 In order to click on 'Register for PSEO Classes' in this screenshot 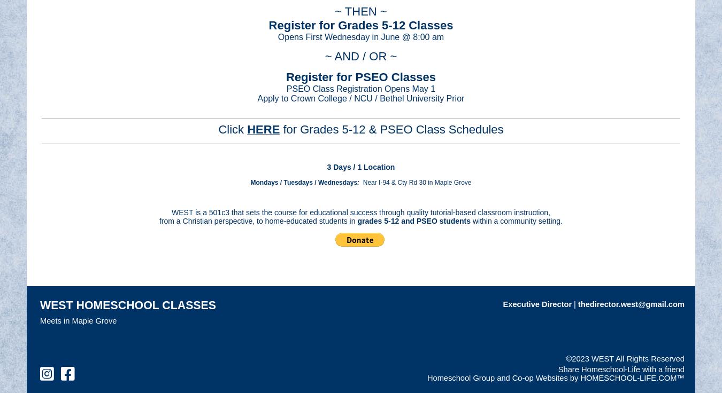, I will do `click(360, 76)`.